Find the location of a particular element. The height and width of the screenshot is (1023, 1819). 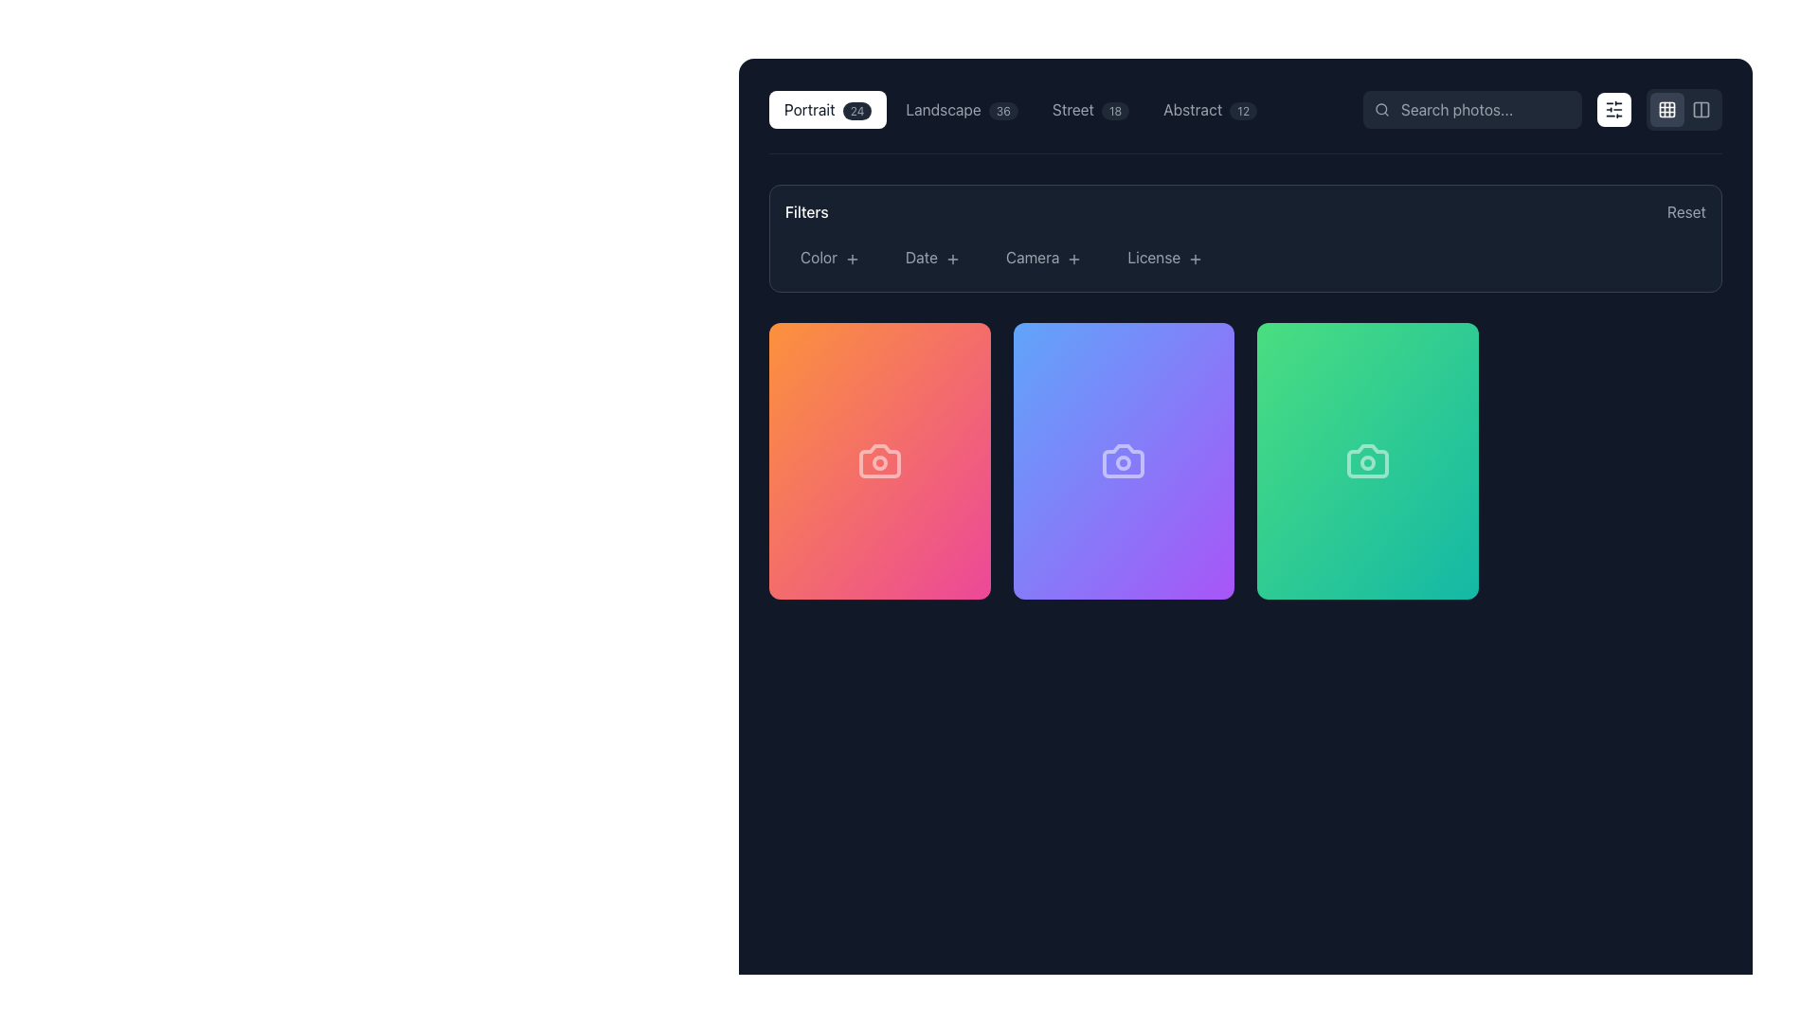

the 'Portrait' button on the interactive menu bar, which is located near the top of the interface above the 'Filters' section is located at coordinates (1246, 121).